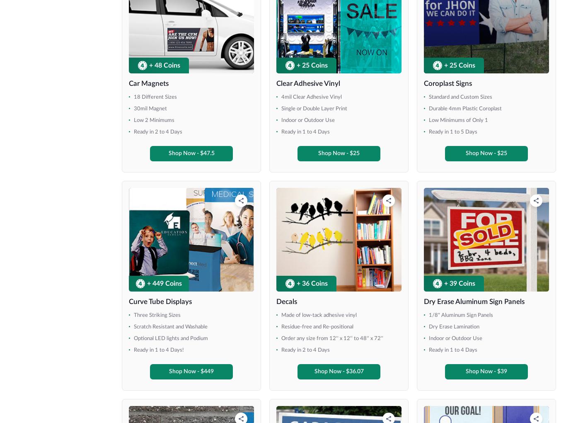  What do you see at coordinates (236, 255) in the screenshot?
I see `'Adhesive Back Vinyl'` at bounding box center [236, 255].